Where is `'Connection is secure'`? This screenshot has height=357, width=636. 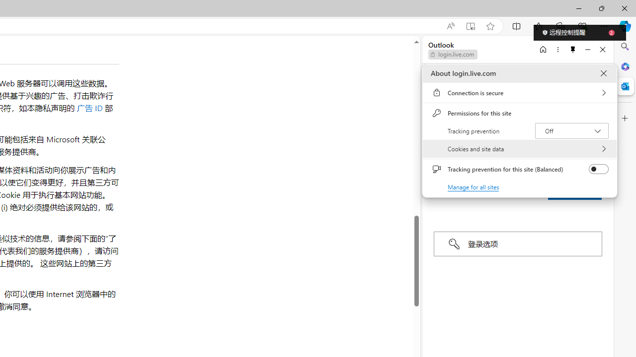 'Connection is secure' is located at coordinates (519, 93).